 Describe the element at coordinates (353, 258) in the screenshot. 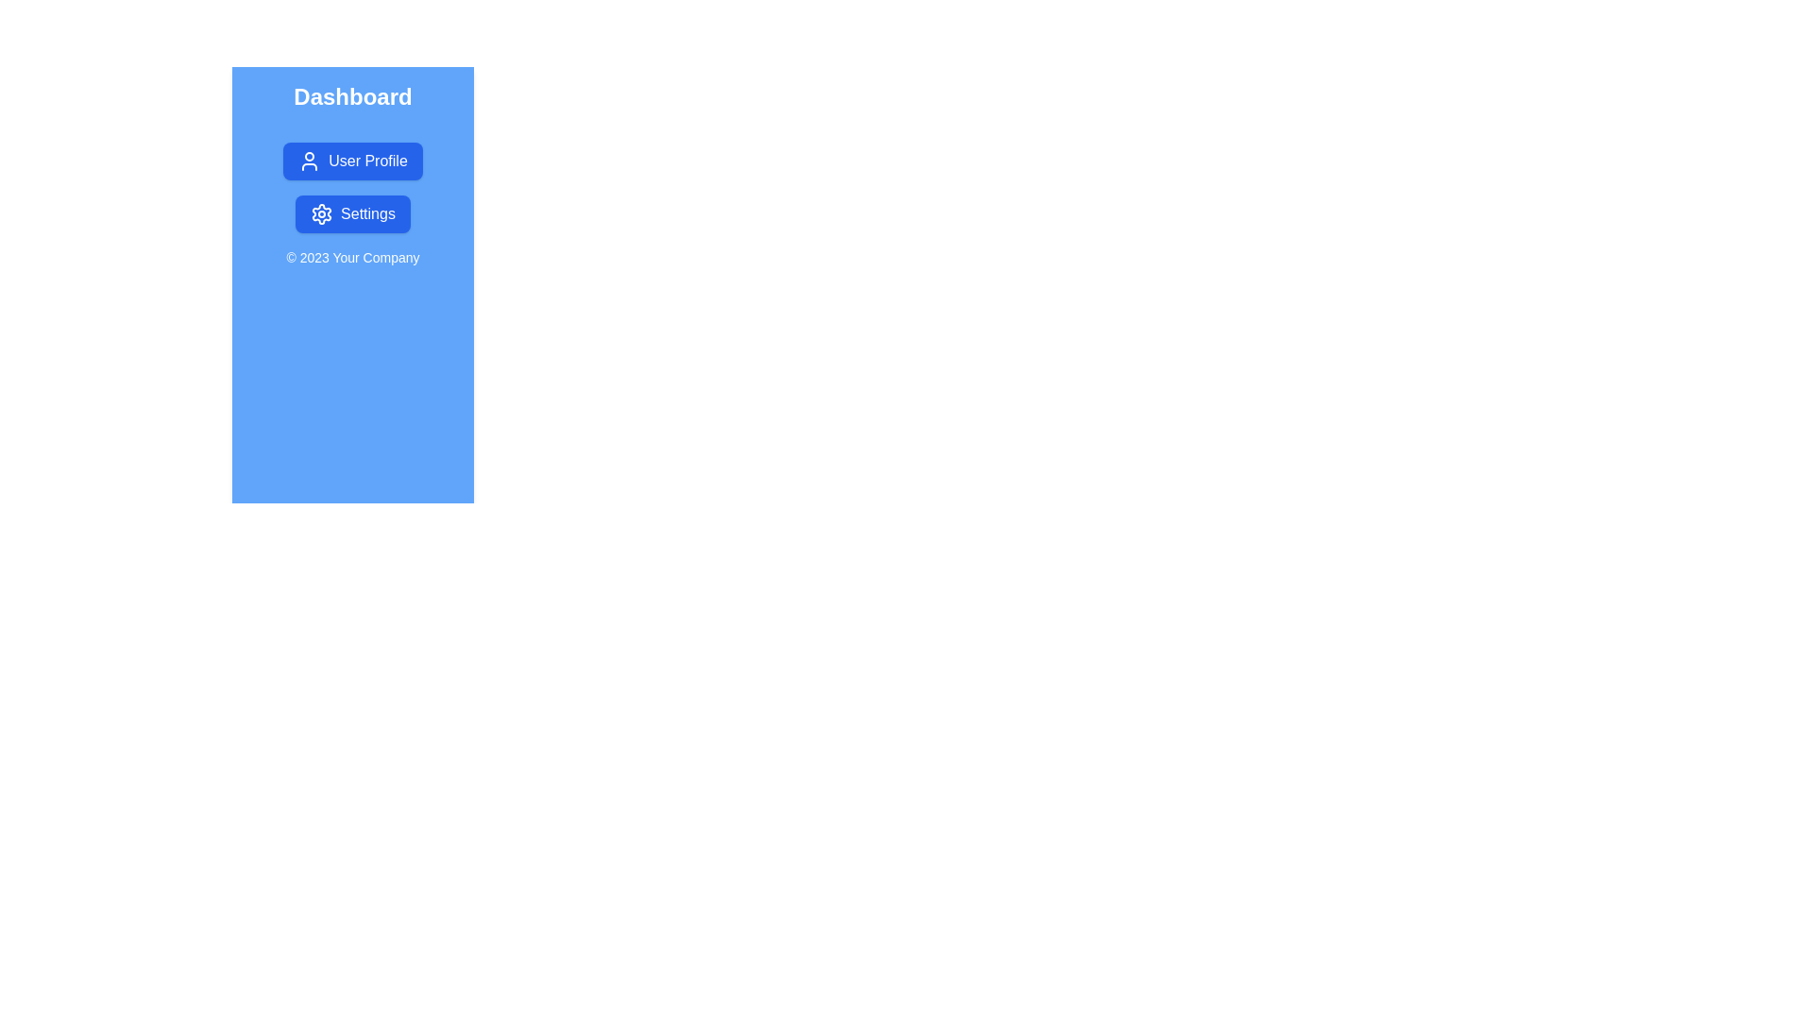

I see `the footer text for copying` at that location.